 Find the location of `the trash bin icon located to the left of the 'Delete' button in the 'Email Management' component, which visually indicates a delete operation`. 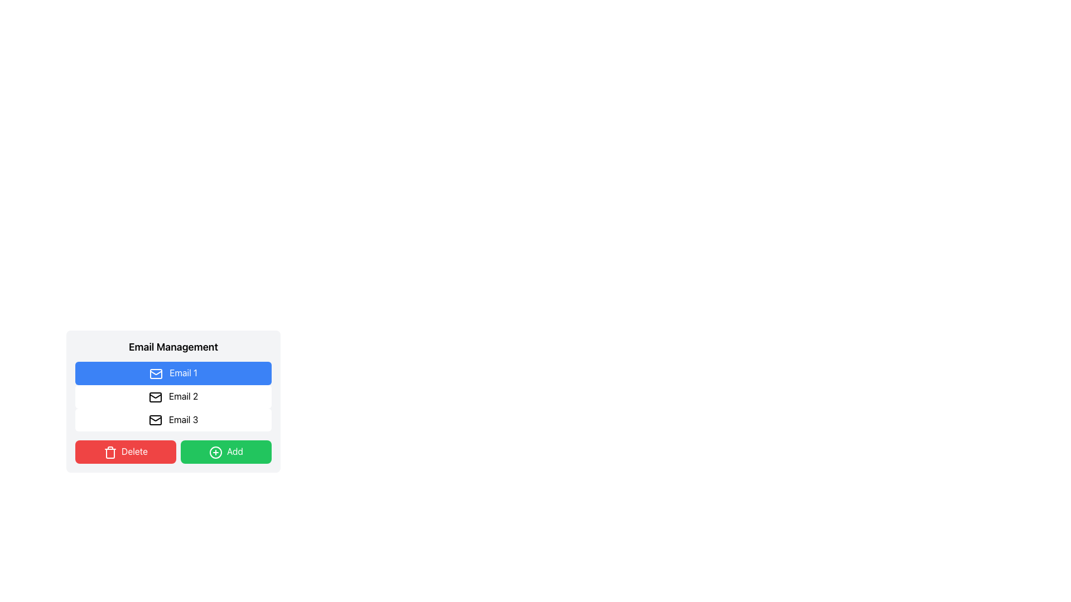

the trash bin icon located to the left of the 'Delete' button in the 'Email Management' component, which visually indicates a delete operation is located at coordinates (110, 453).